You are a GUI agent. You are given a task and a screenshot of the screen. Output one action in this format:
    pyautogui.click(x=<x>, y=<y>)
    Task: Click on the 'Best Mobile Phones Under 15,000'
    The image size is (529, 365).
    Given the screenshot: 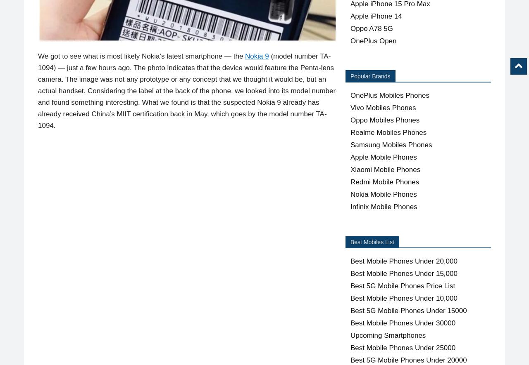 What is the action you would take?
    pyautogui.click(x=404, y=273)
    